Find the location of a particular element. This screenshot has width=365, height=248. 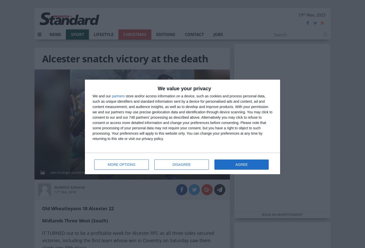

'LifeStyle' is located at coordinates (103, 34).